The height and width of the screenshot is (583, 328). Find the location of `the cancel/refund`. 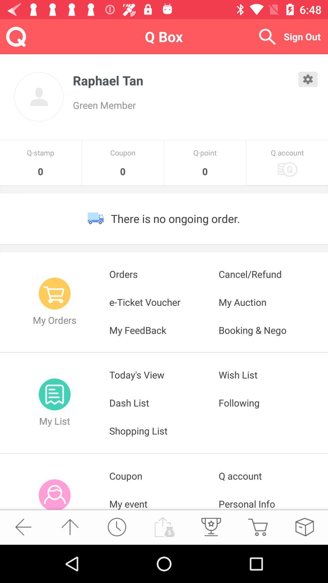

the cancel/refund is located at coordinates (273, 274).